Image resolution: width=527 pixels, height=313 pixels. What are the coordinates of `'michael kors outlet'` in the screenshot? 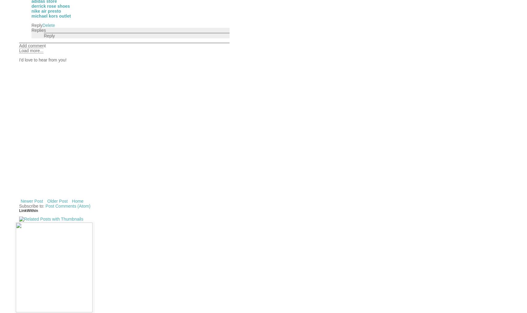 It's located at (31, 15).